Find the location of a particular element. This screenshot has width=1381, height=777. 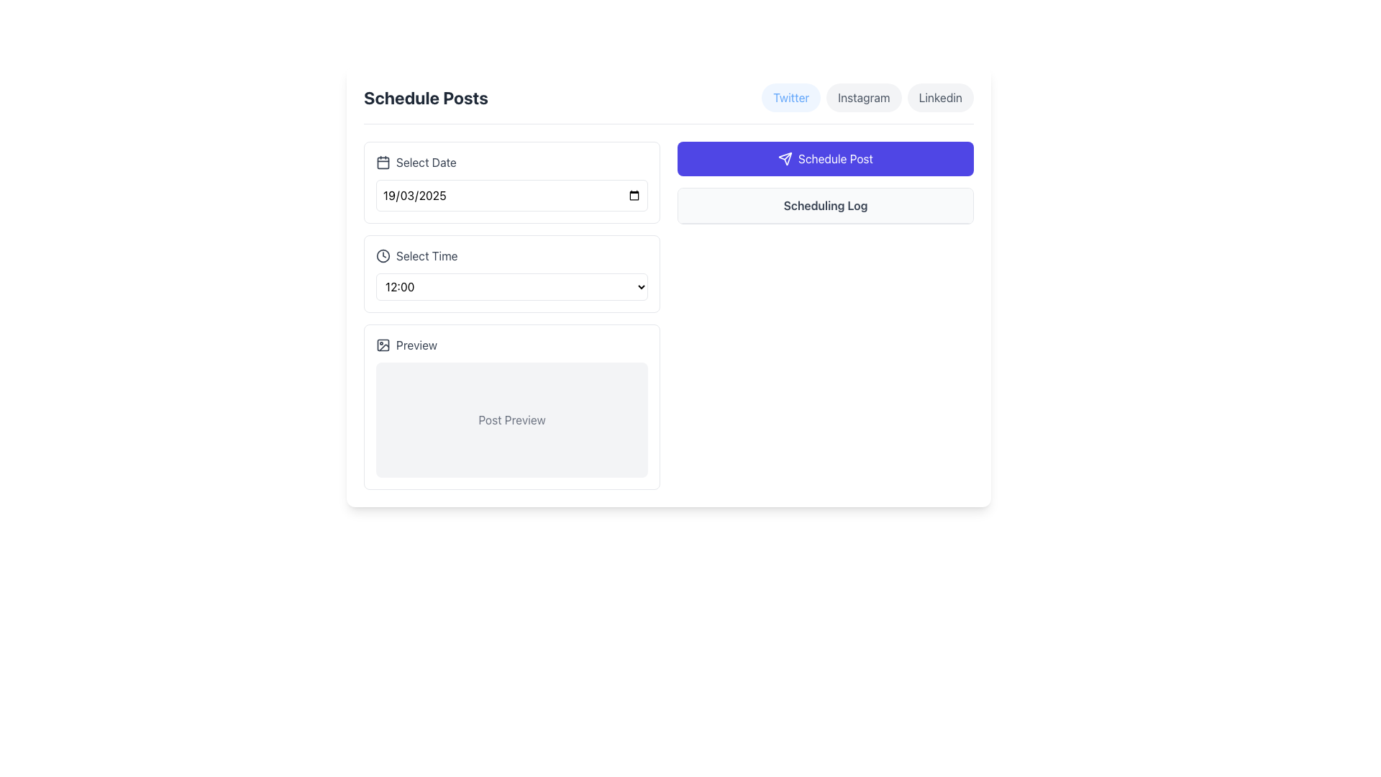

the rounded rectangle icon associated with the 'Select Date' input field is located at coordinates (383, 162).